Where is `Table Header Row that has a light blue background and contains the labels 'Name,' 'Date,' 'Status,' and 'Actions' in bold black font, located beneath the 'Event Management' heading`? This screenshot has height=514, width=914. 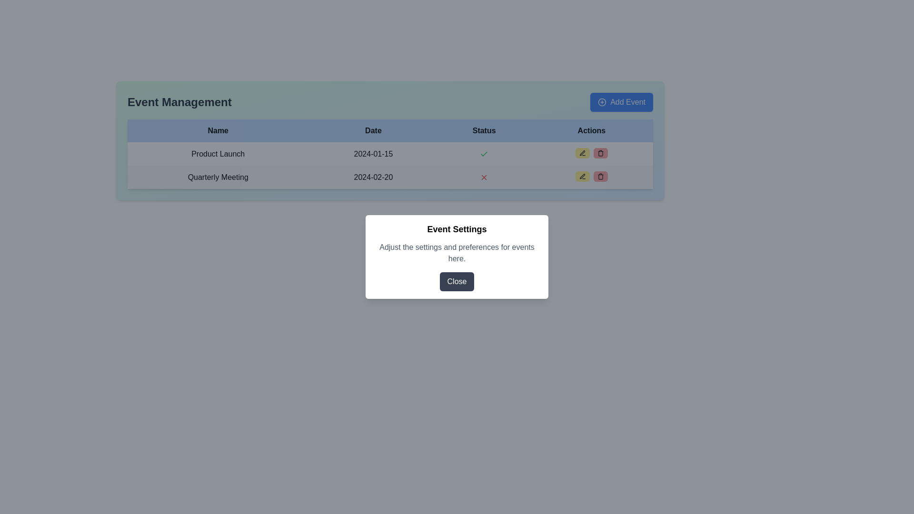 Table Header Row that has a light blue background and contains the labels 'Name,' 'Date,' 'Status,' and 'Actions' in bold black font, located beneath the 'Event Management' heading is located at coordinates (390, 130).